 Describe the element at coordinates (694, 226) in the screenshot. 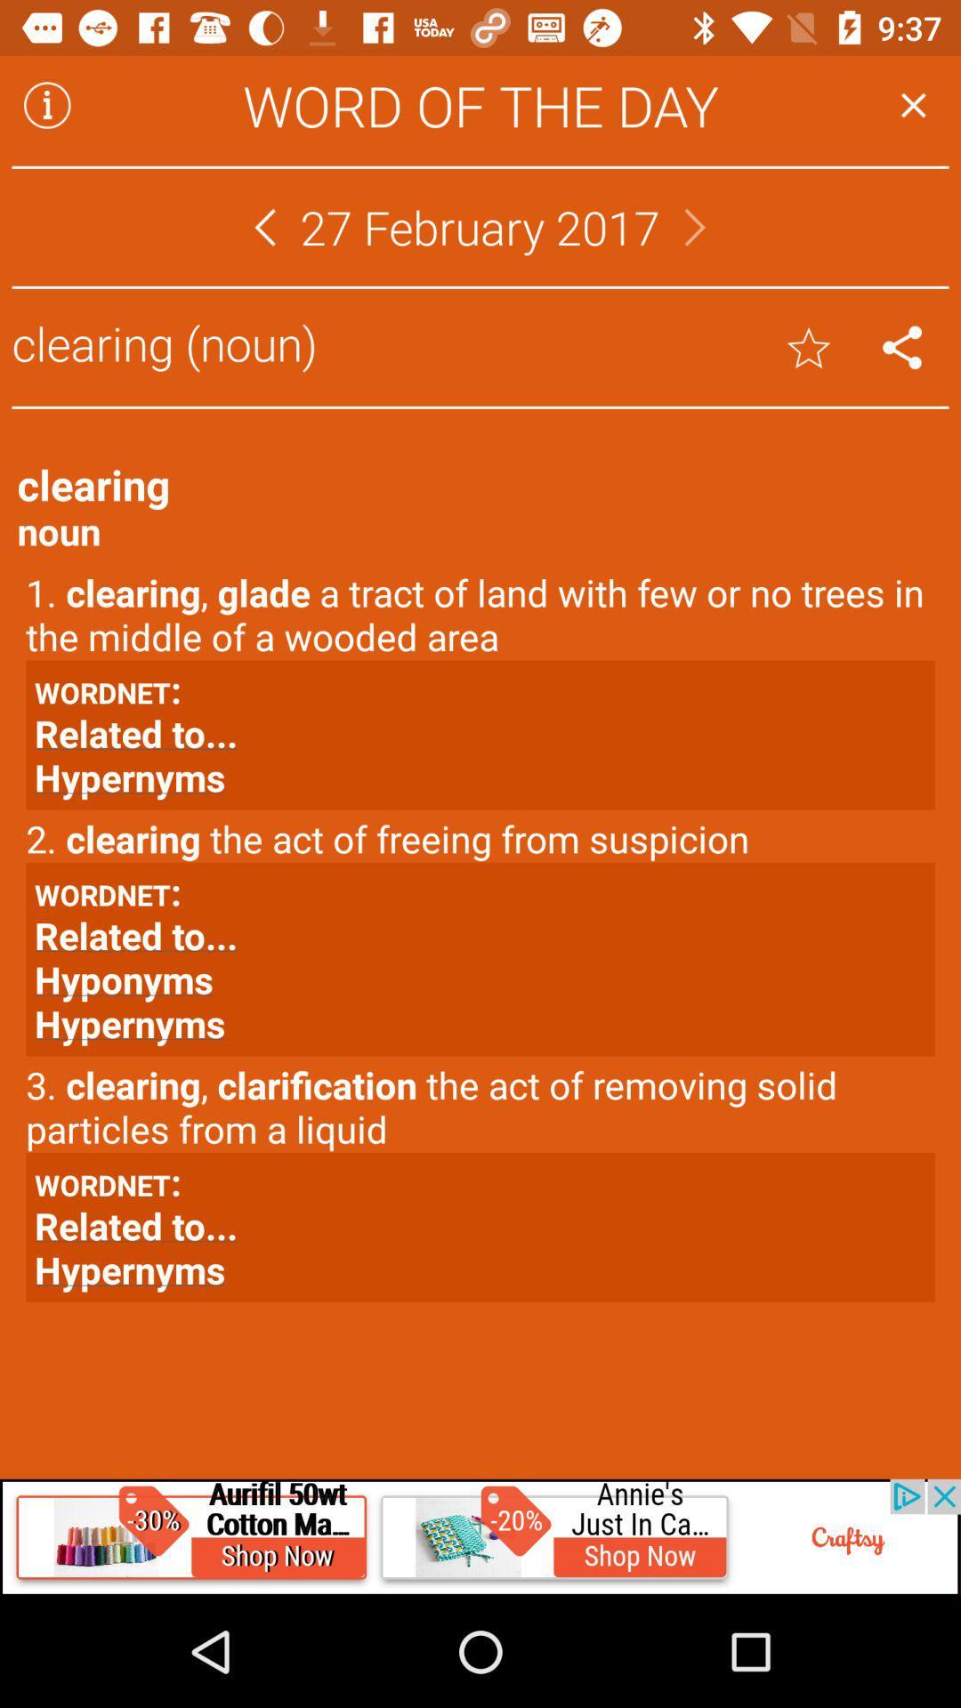

I see `going next date` at that location.